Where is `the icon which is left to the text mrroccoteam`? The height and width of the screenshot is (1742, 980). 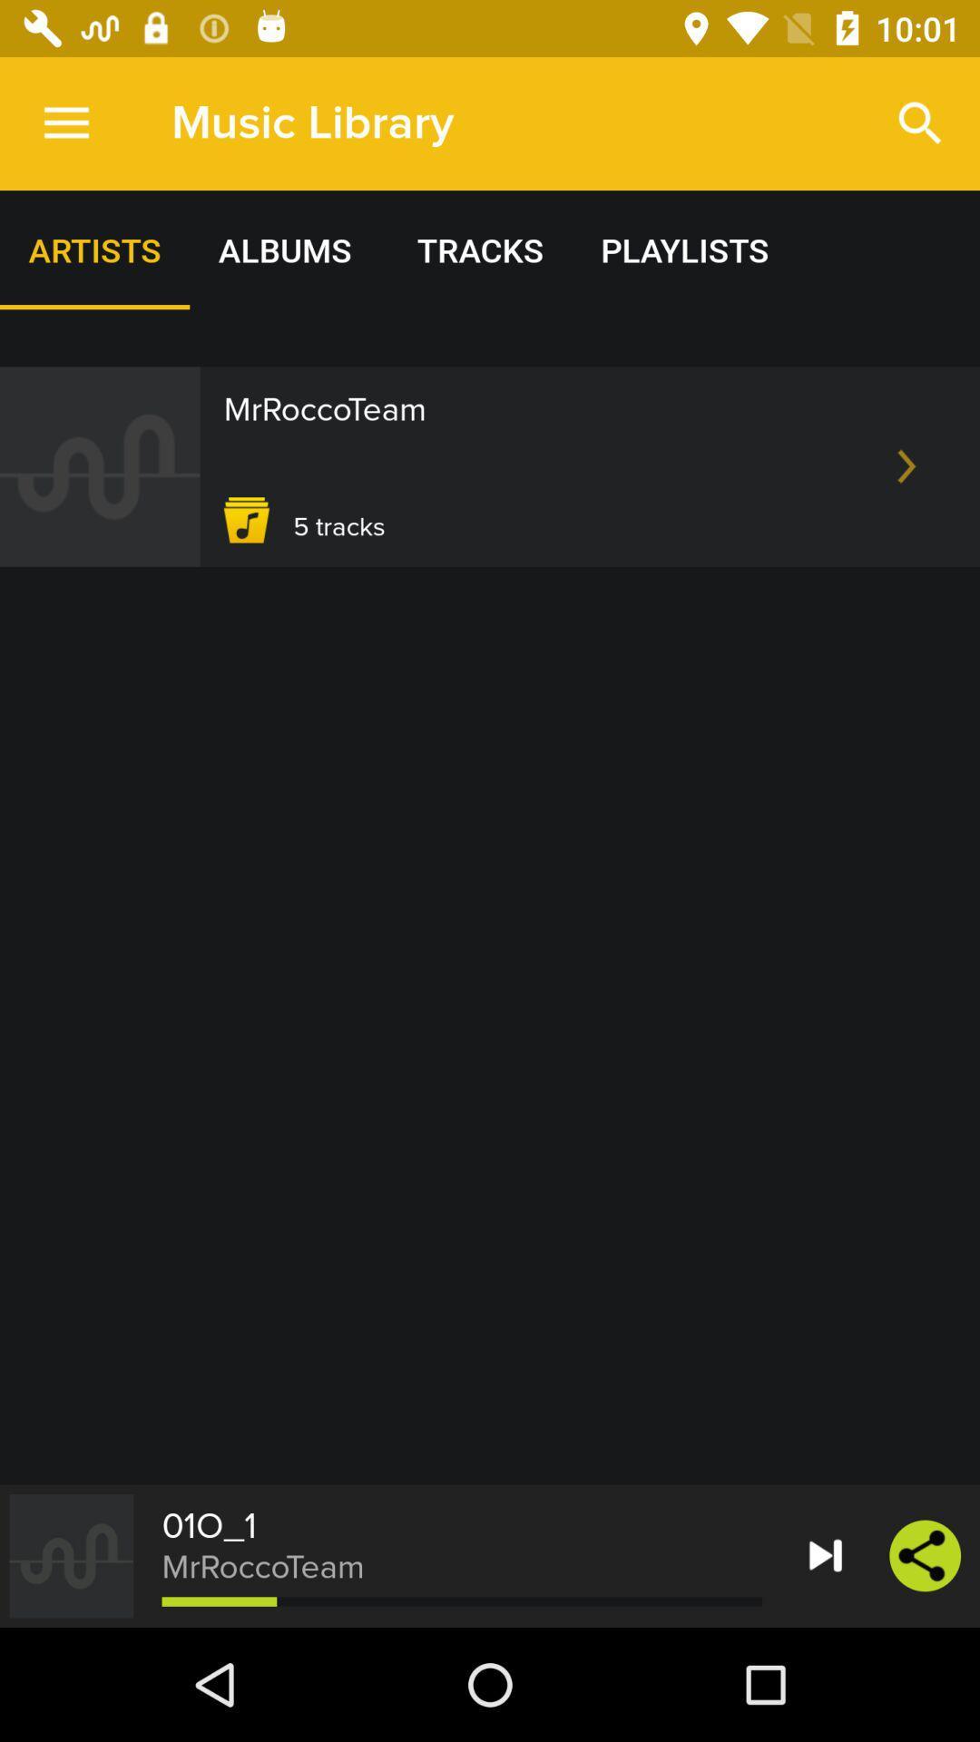
the icon which is left to the text mrroccoteam is located at coordinates (70, 1555).